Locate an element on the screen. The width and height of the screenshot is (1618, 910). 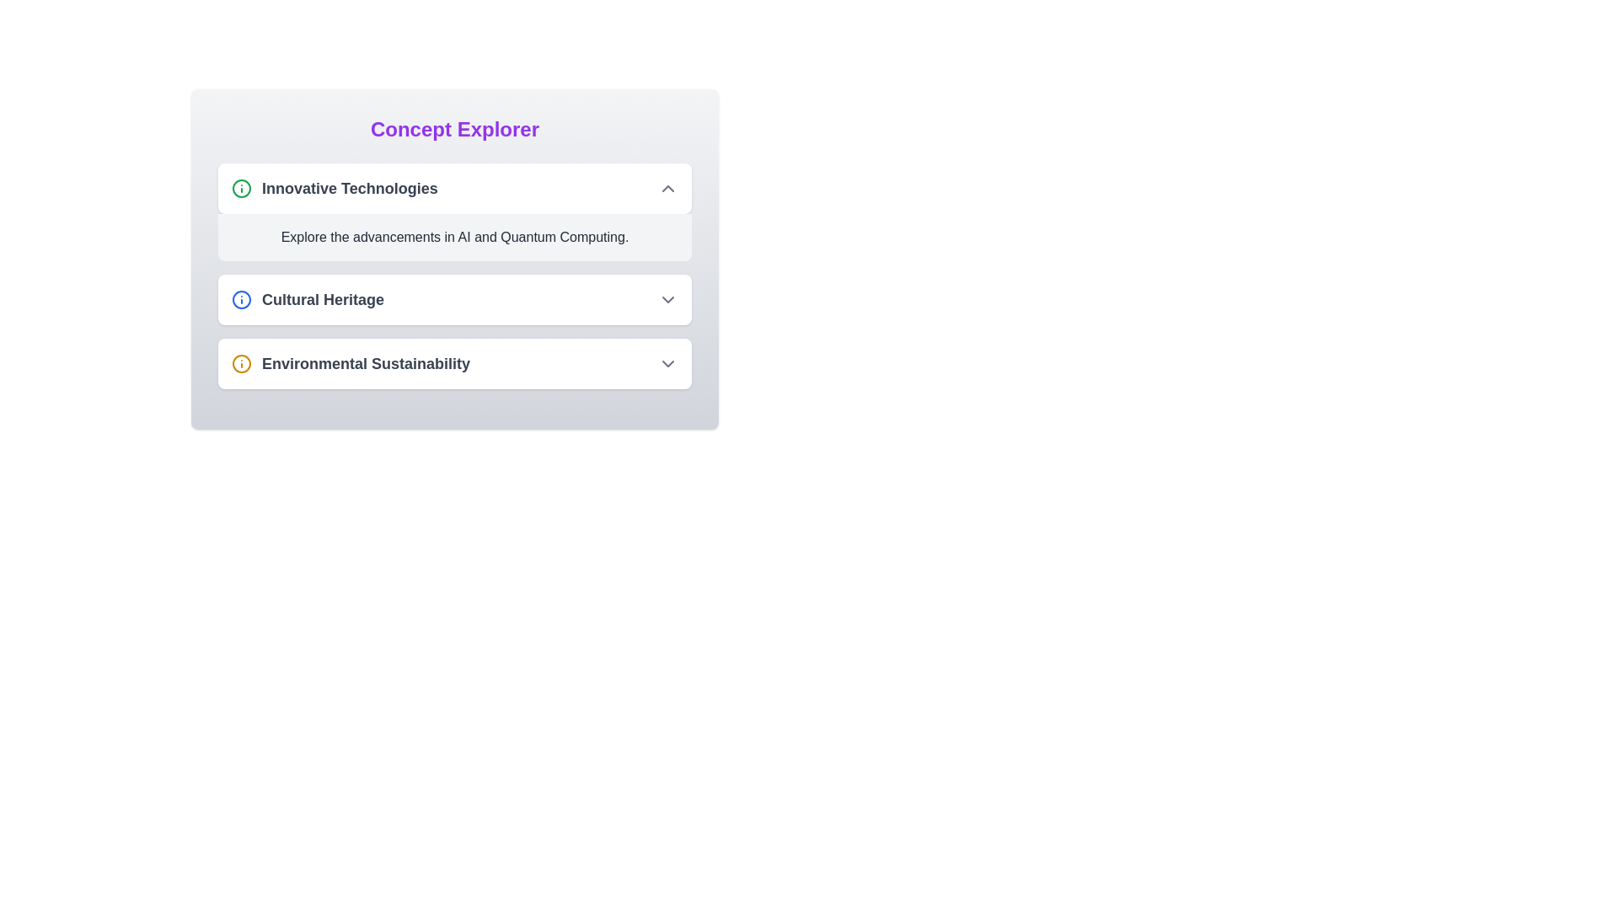
the 'Environmental Sustainability' label in the menu is located at coordinates (365, 363).